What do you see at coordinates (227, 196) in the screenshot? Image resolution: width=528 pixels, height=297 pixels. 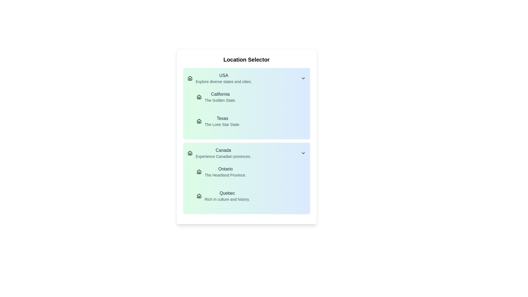 I see `the labeled list item titled 'Quebec' with the subtitle 'Rich in culture and history'` at bounding box center [227, 196].